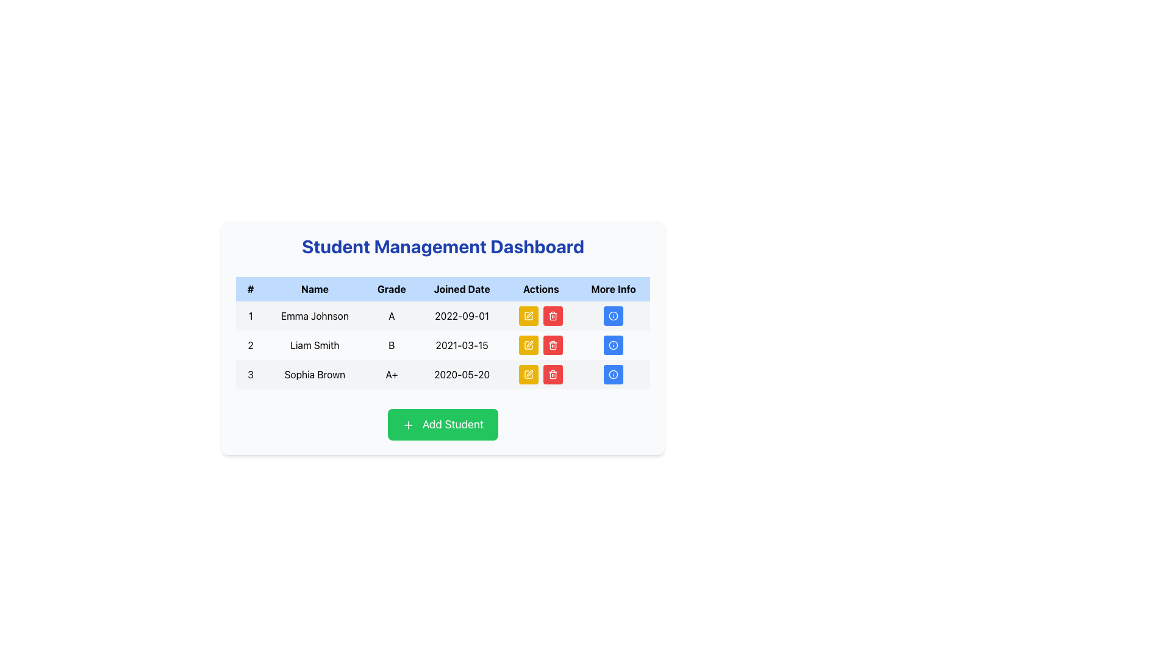 The image size is (1171, 659). Describe the element at coordinates (614, 315) in the screenshot. I see `the interactive button in the 'More Info' column of the first row in the student data table` at that location.